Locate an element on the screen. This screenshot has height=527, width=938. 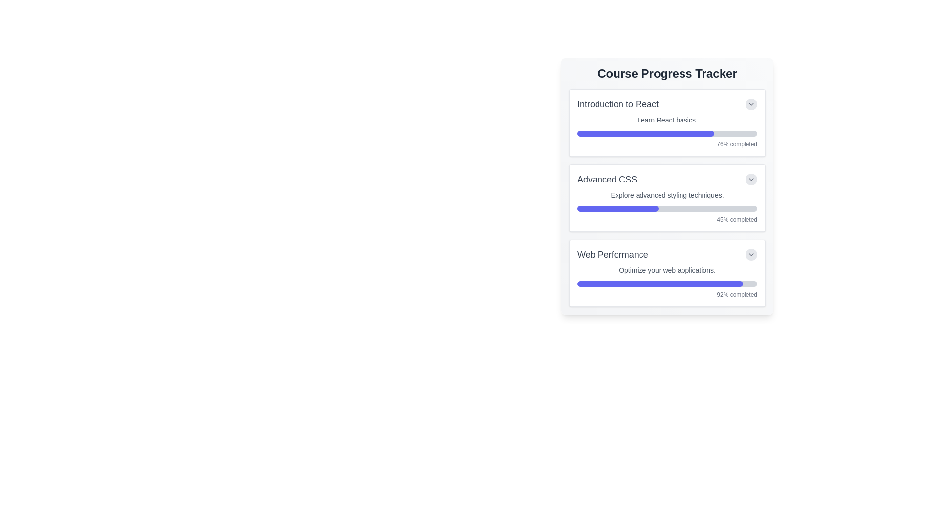
text 'Optimize your web applications.' located in the gray styled small font beneath the main title 'Web Performance' within the card layout is located at coordinates (667, 270).